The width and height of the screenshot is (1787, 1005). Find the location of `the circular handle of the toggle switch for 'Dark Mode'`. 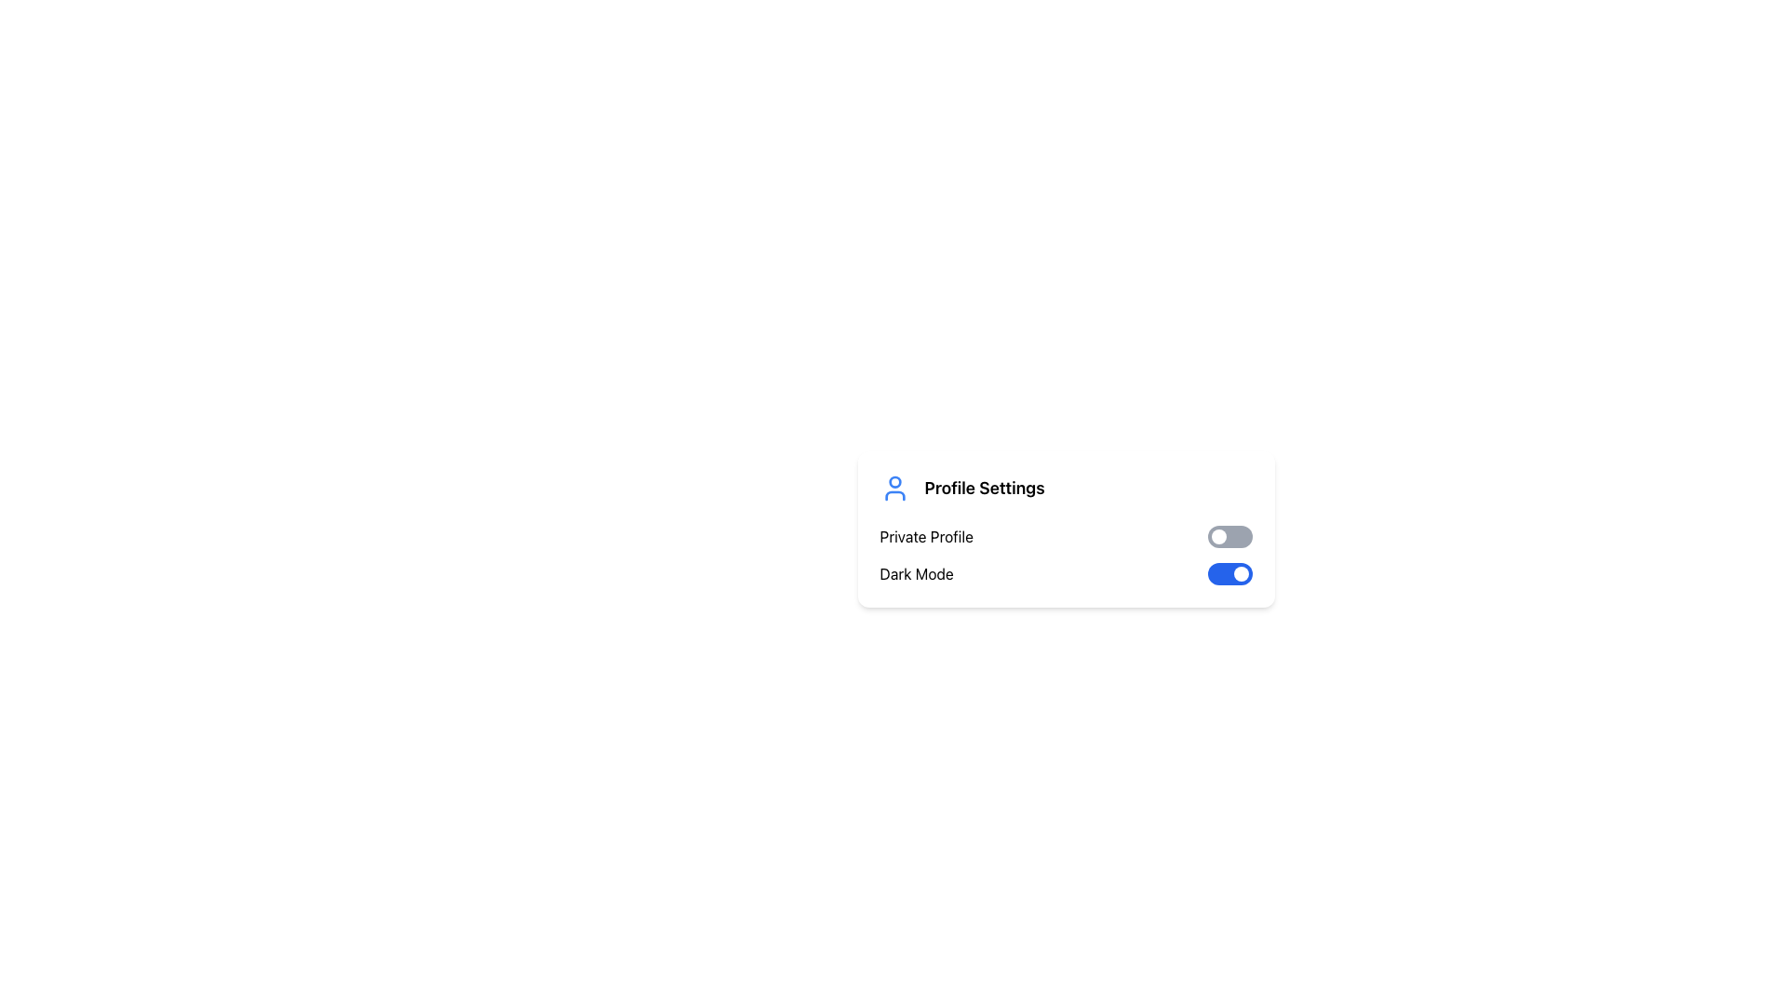

the circular handle of the toggle switch for 'Dark Mode' is located at coordinates (1229, 573).